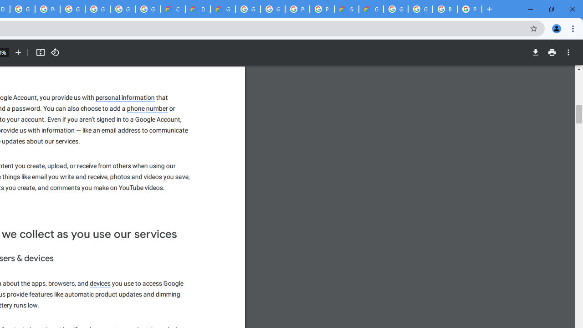 Image resolution: width=583 pixels, height=328 pixels. What do you see at coordinates (223, 9) in the screenshot?
I see `'Gemini for Business and Developers | Google Cloud'` at bounding box center [223, 9].